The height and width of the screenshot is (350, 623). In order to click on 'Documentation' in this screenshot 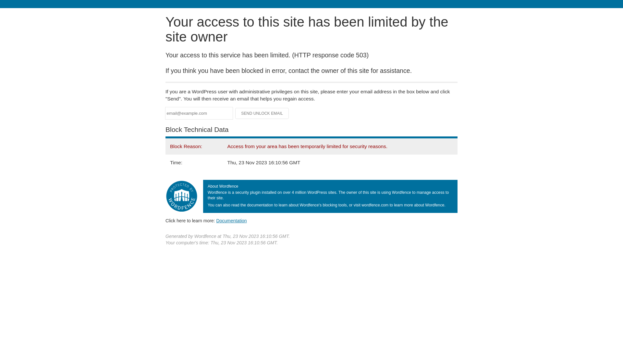, I will do `click(231, 220)`.